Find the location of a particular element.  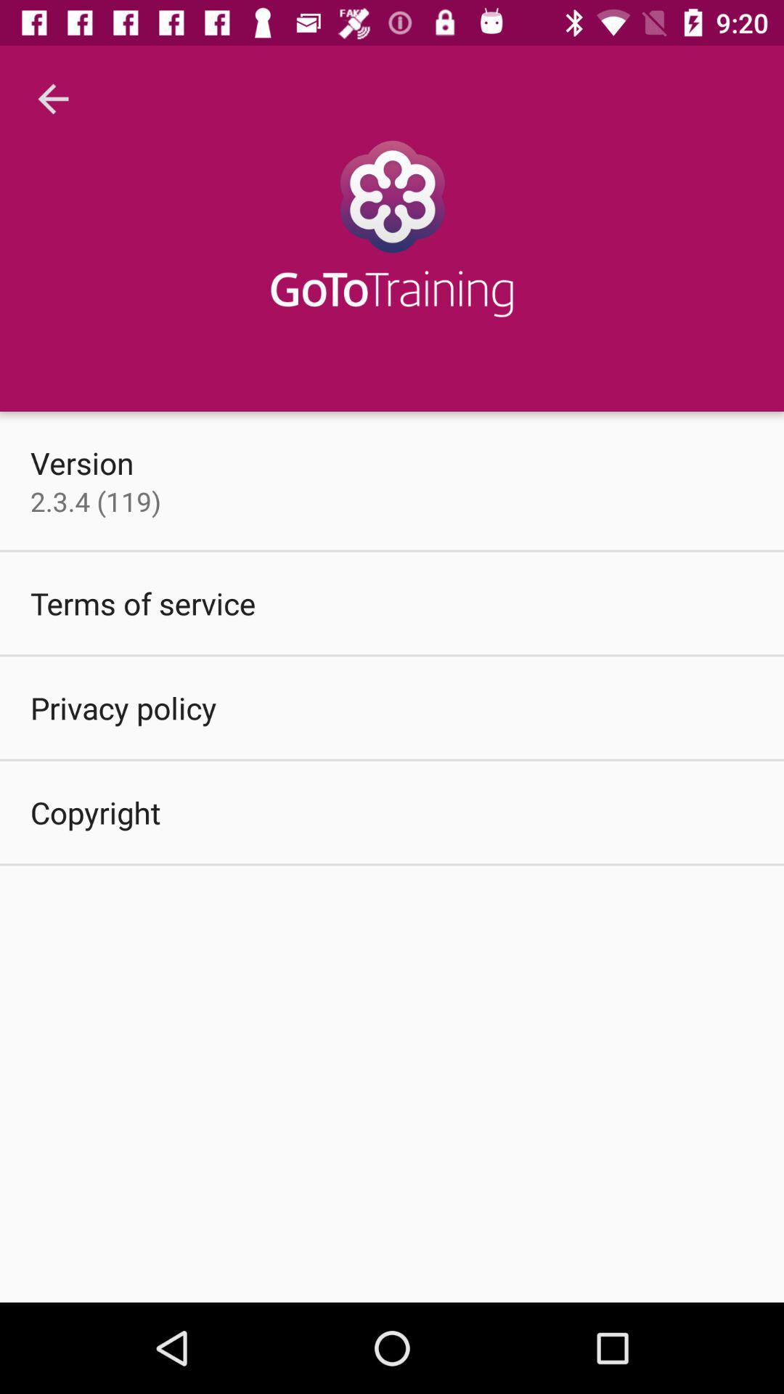

the item above the 2 3 4 icon is located at coordinates (82, 462).